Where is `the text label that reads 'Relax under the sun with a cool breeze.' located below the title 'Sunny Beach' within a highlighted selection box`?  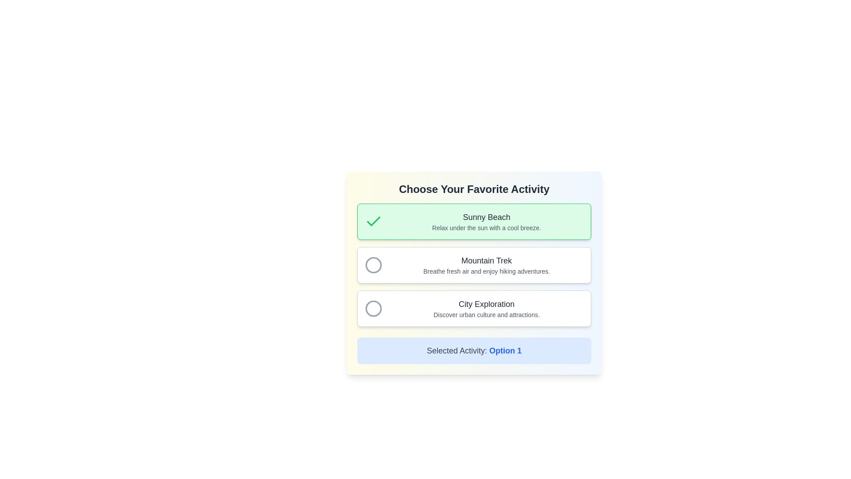 the text label that reads 'Relax under the sun with a cool breeze.' located below the title 'Sunny Beach' within a highlighted selection box is located at coordinates (486, 227).